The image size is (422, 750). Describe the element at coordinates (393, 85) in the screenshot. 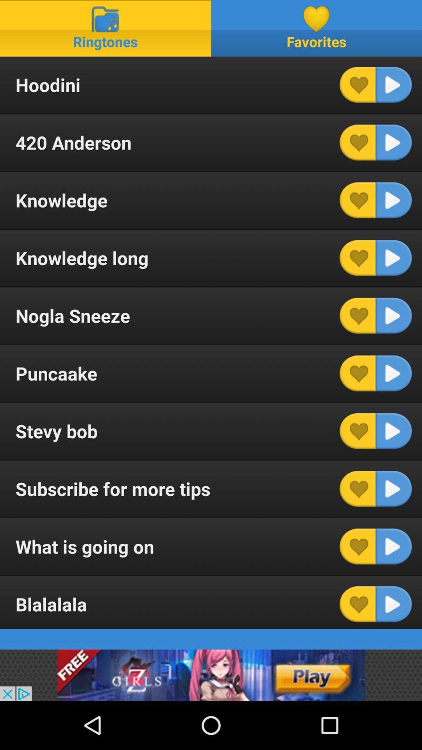

I see `ringtone` at that location.